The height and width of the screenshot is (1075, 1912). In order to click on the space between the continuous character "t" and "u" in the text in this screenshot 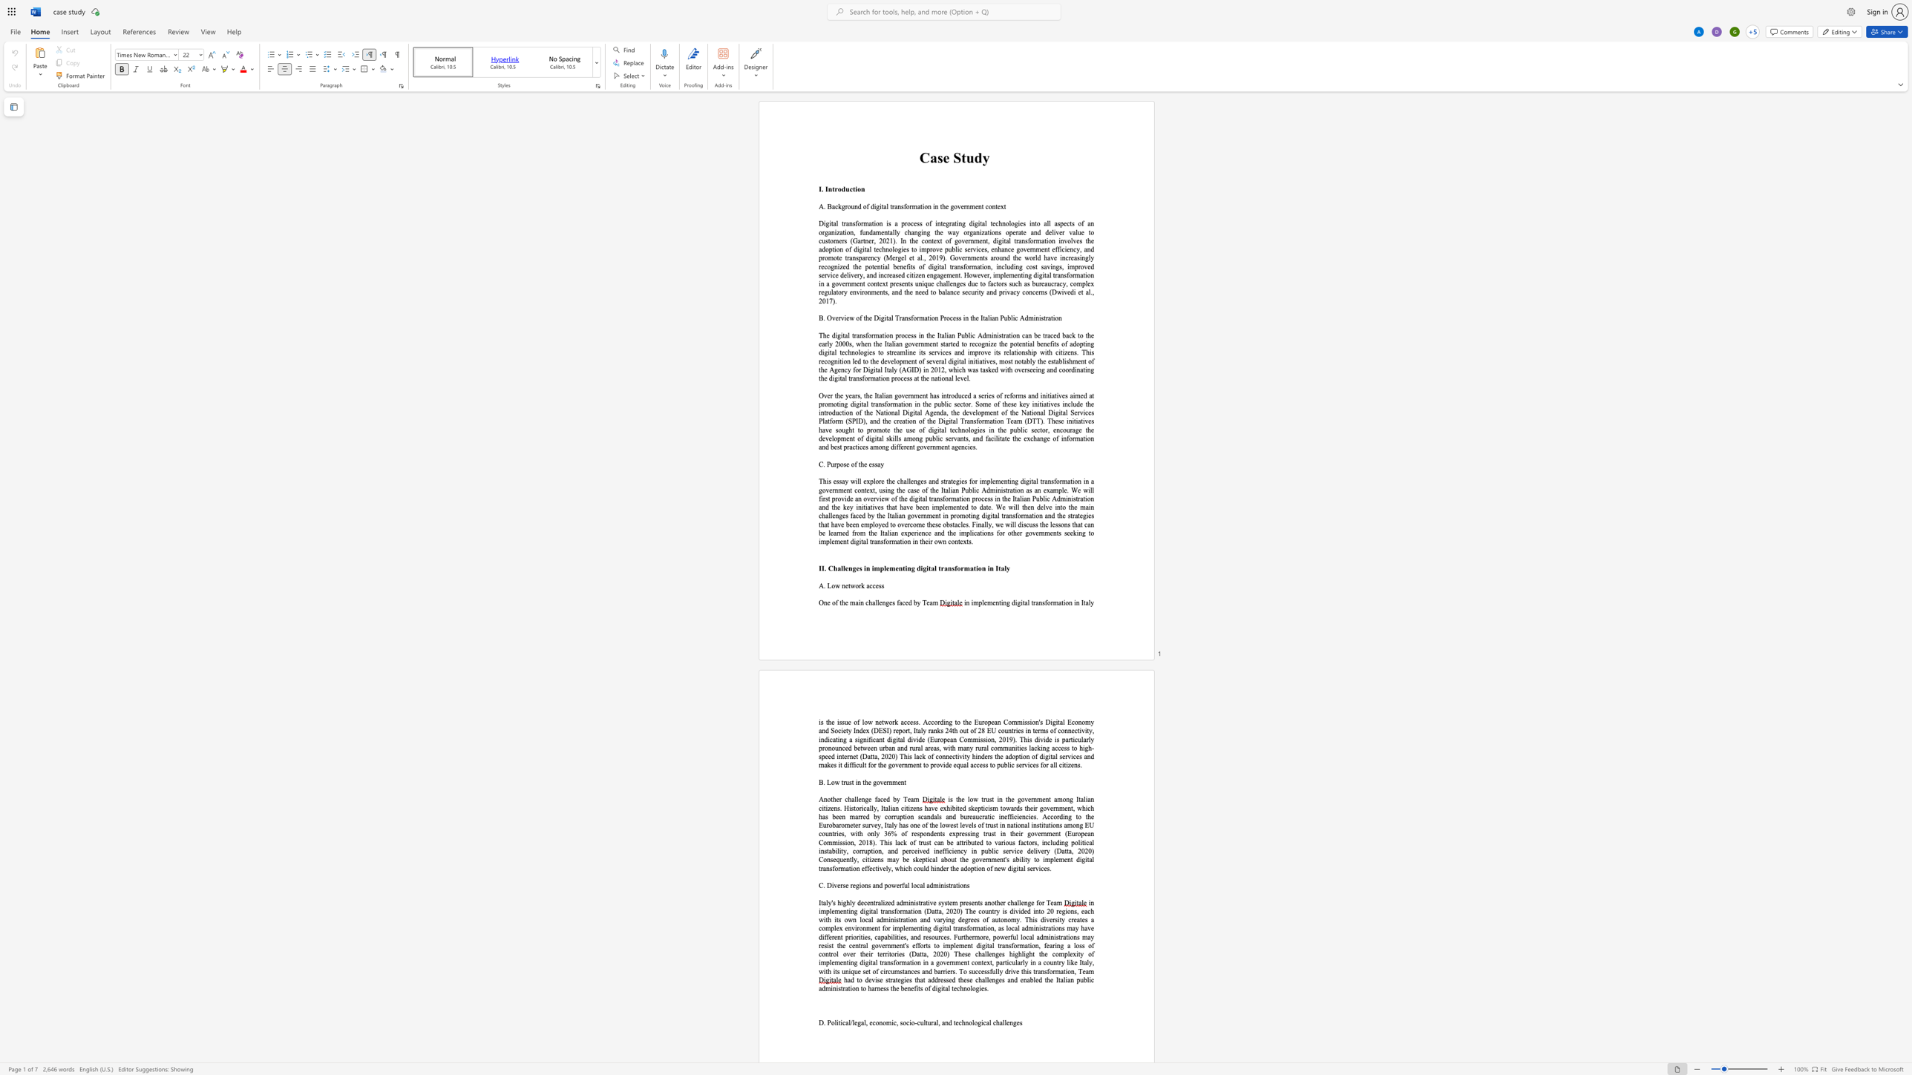, I will do `click(967, 158)`.